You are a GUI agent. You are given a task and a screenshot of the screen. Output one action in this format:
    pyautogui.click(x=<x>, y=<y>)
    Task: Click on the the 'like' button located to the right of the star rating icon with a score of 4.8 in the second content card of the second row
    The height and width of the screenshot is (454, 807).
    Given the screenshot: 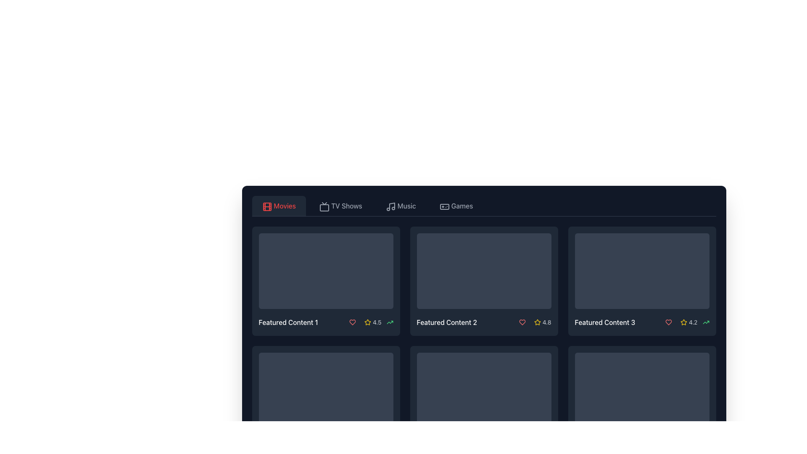 What is the action you would take?
    pyautogui.click(x=522, y=322)
    